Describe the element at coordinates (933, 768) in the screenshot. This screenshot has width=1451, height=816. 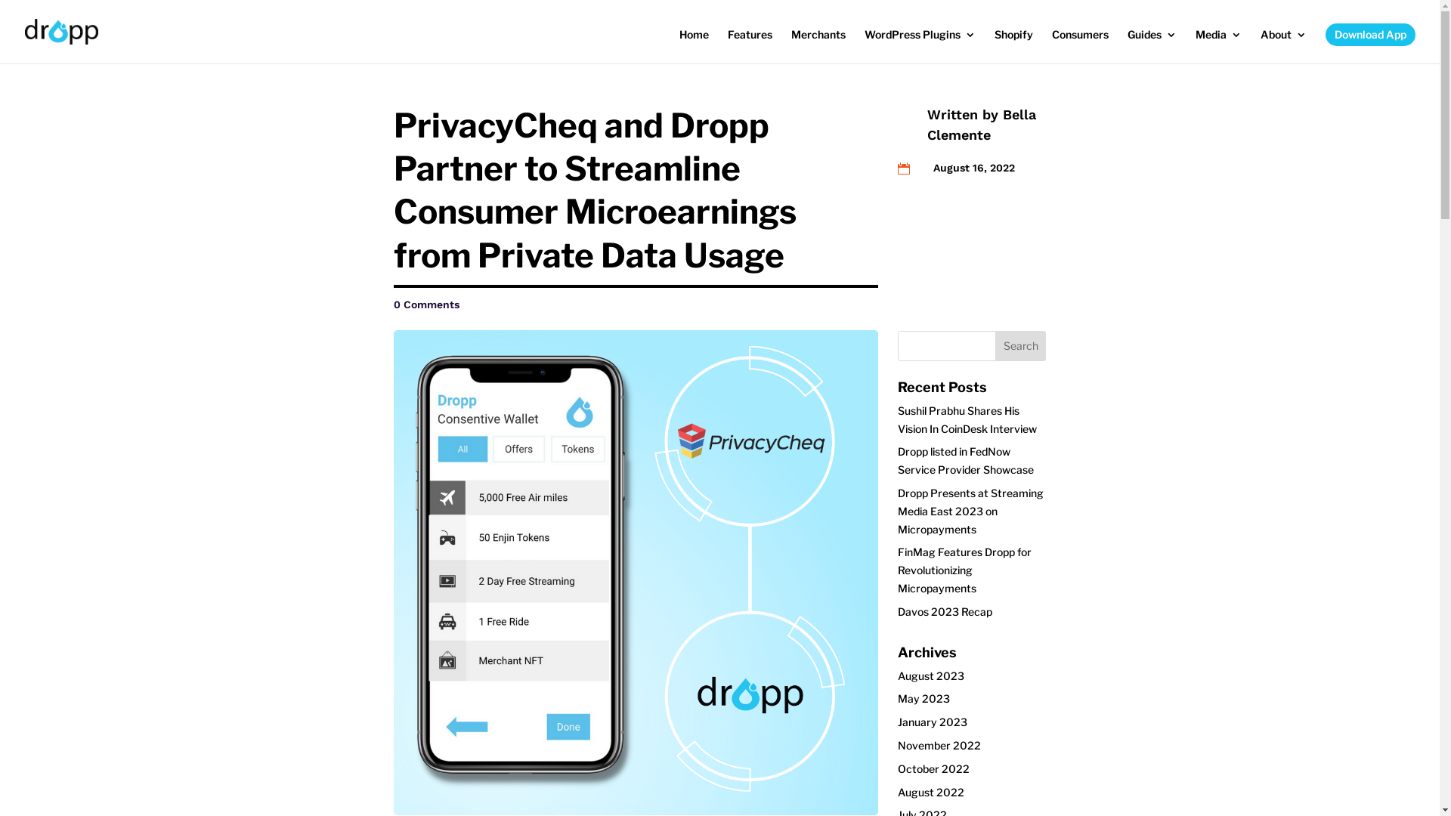
I see `'October 2022'` at that location.